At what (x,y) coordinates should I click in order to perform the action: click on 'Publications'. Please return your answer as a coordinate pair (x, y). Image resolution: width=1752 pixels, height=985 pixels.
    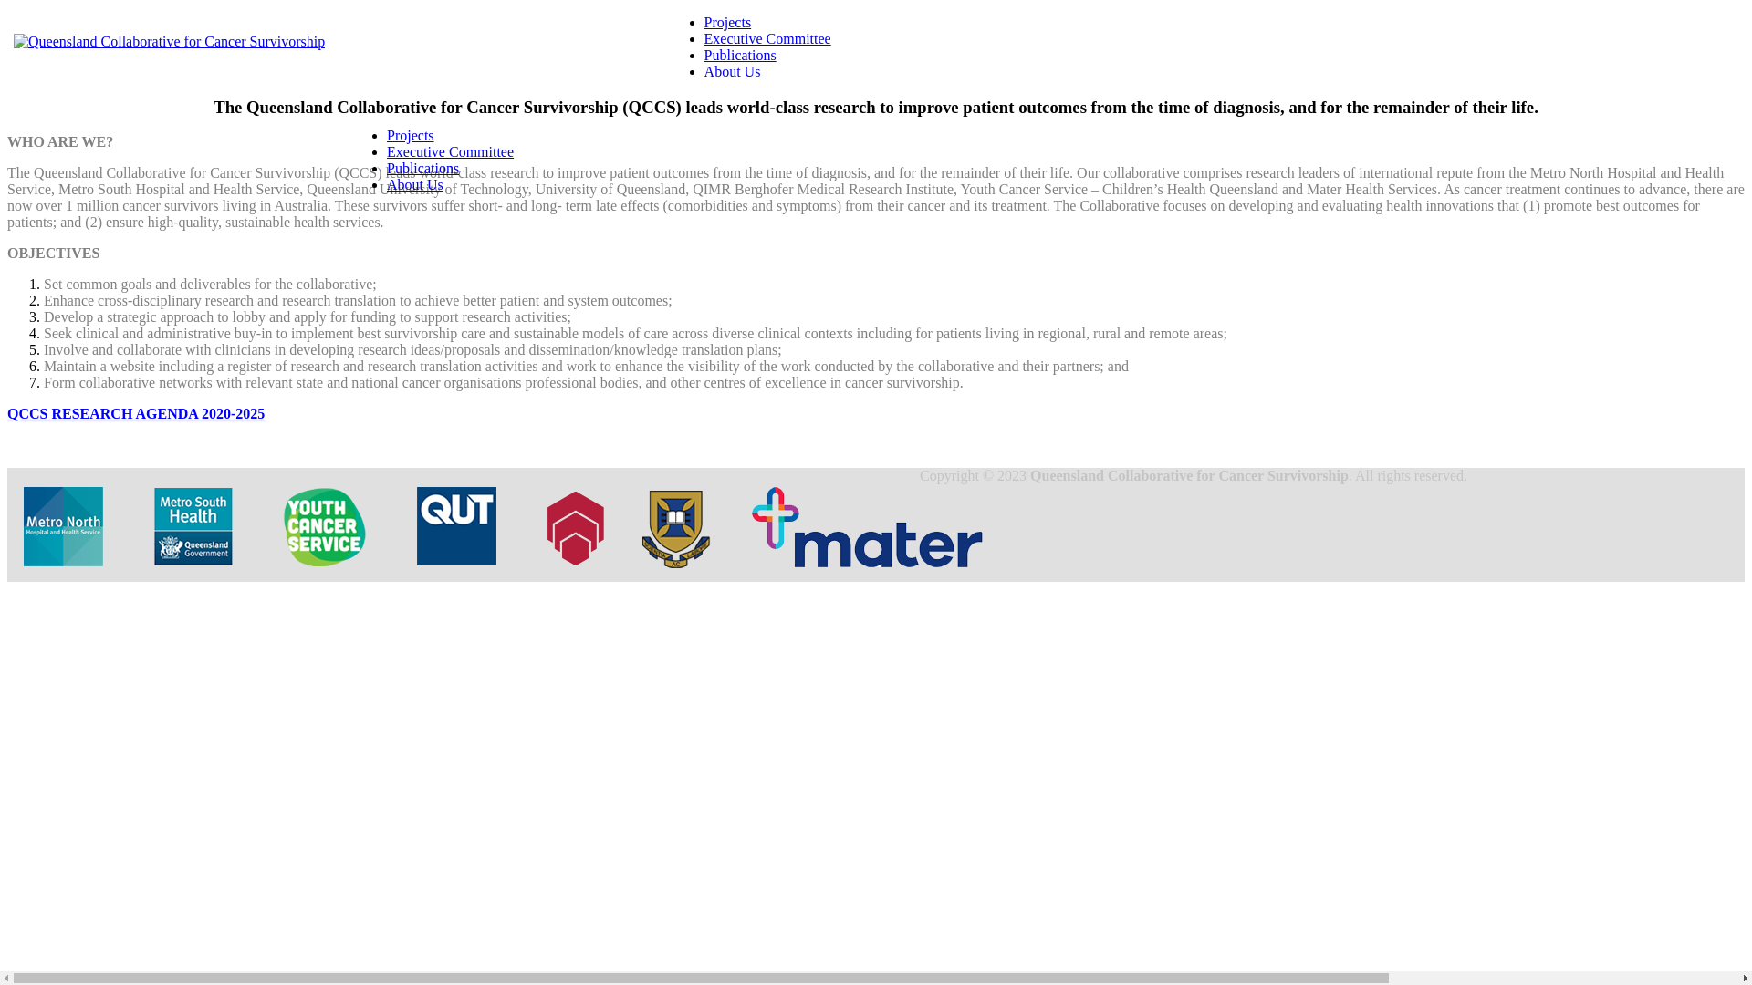
    Looking at the image, I should click on (740, 54).